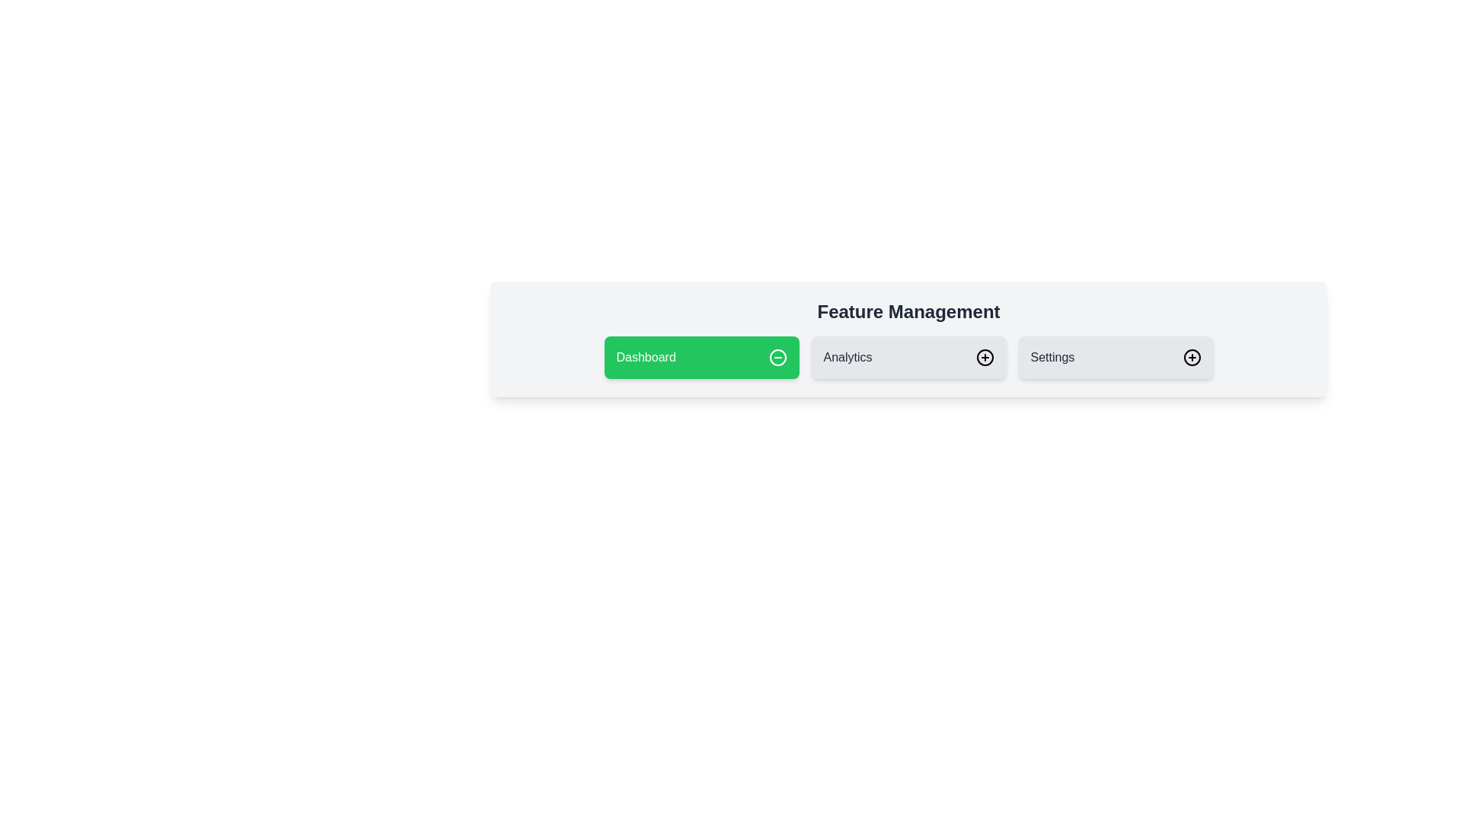  What do you see at coordinates (701, 358) in the screenshot?
I see `the green rectangular button labeled 'Dashboard'` at bounding box center [701, 358].